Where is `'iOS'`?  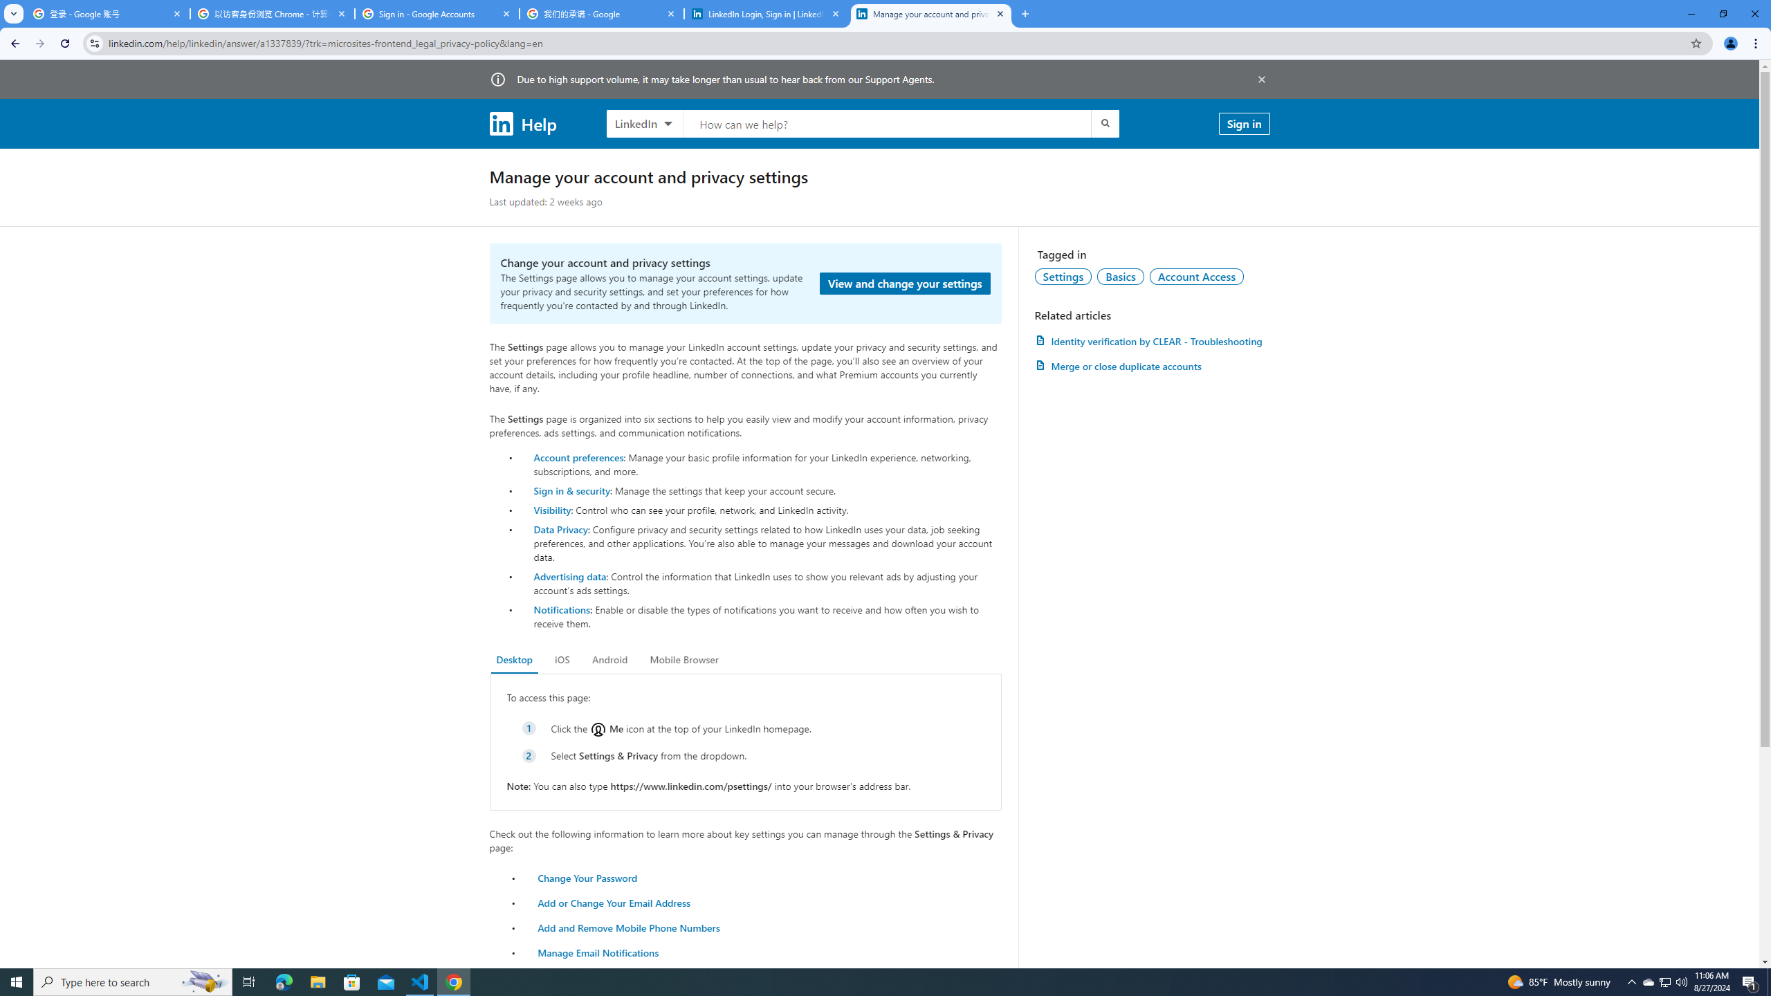
'iOS' is located at coordinates (561, 659).